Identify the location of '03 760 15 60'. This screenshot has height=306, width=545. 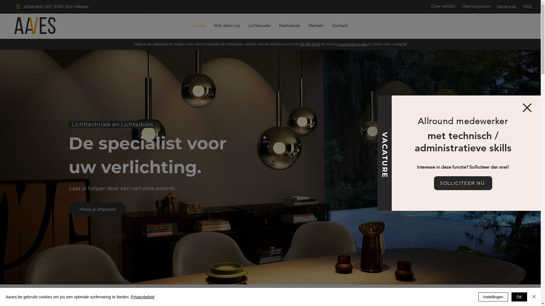
(310, 44).